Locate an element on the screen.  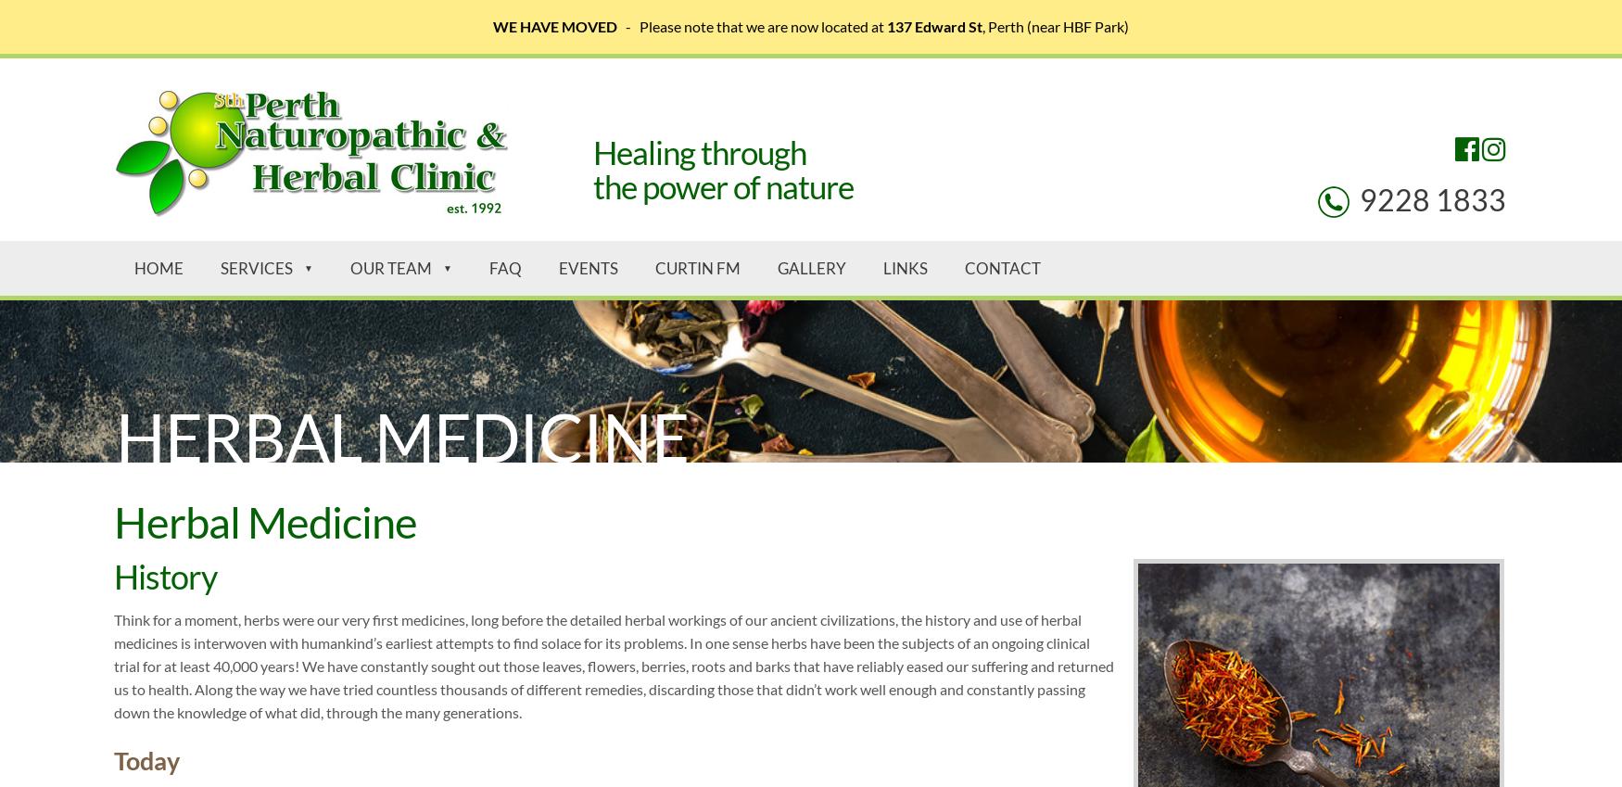
'-   Please note that we are now located at' is located at coordinates (751, 25).